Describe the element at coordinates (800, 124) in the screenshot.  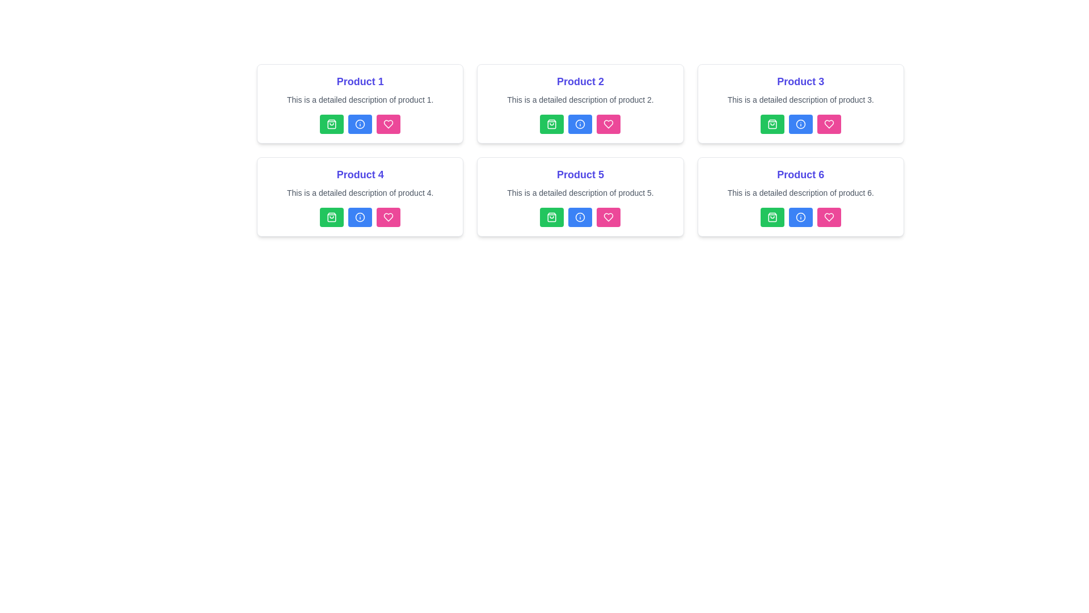
I see `the SVG icon that serves as an information button for 'Product 3', located as the second button in the row of actions under the product card` at that location.